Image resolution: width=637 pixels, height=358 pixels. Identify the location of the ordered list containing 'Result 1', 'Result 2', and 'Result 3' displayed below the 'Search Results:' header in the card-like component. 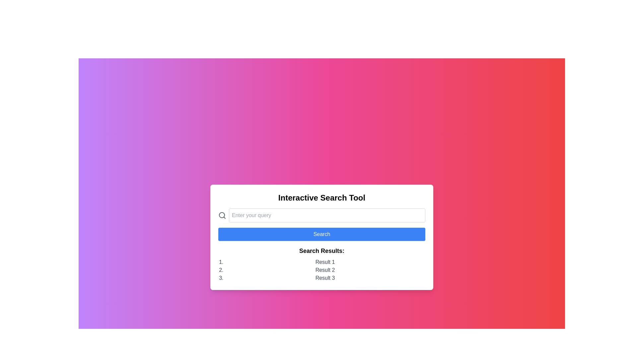
(321, 270).